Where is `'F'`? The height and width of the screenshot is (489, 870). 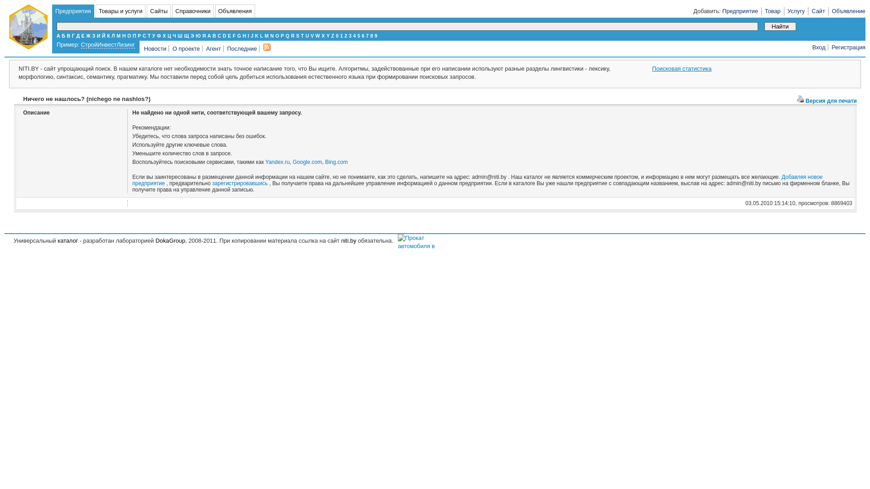
'F' is located at coordinates (234, 35).